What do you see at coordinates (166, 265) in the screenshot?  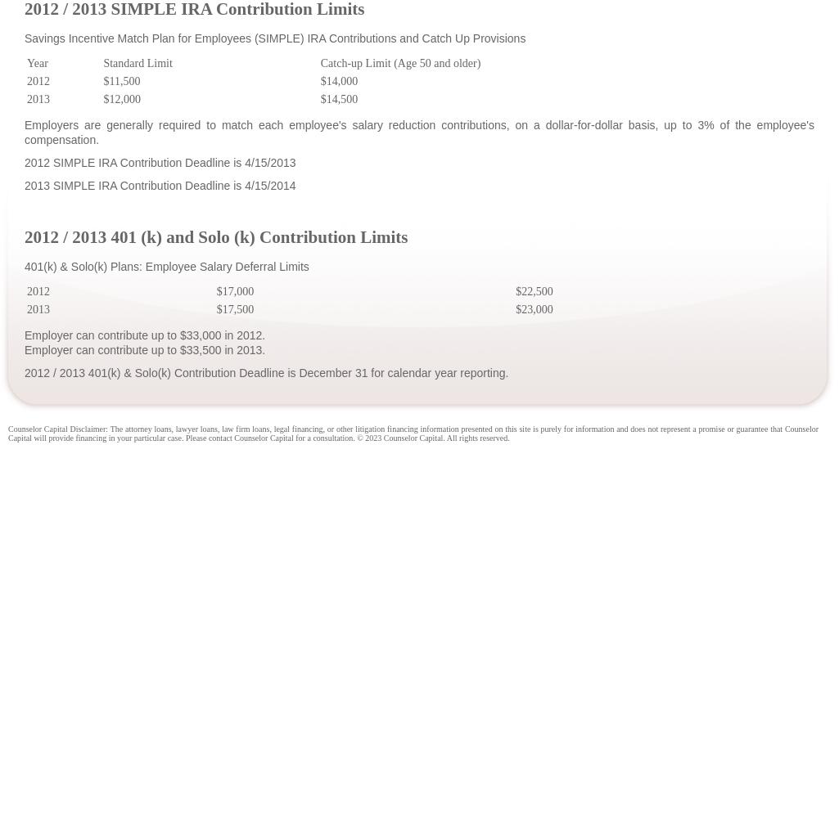 I see `'401(k) & Solo(k) Plans: Employee Salary Deferral Limits'` at bounding box center [166, 265].